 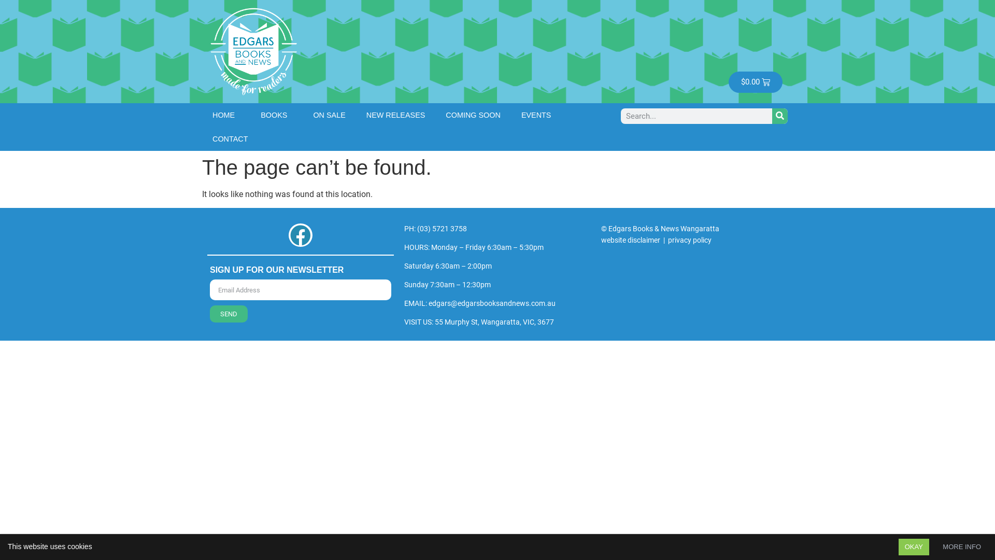 I want to click on 'edgars@edgarsbooksandnews.com.au', so click(x=428, y=303).